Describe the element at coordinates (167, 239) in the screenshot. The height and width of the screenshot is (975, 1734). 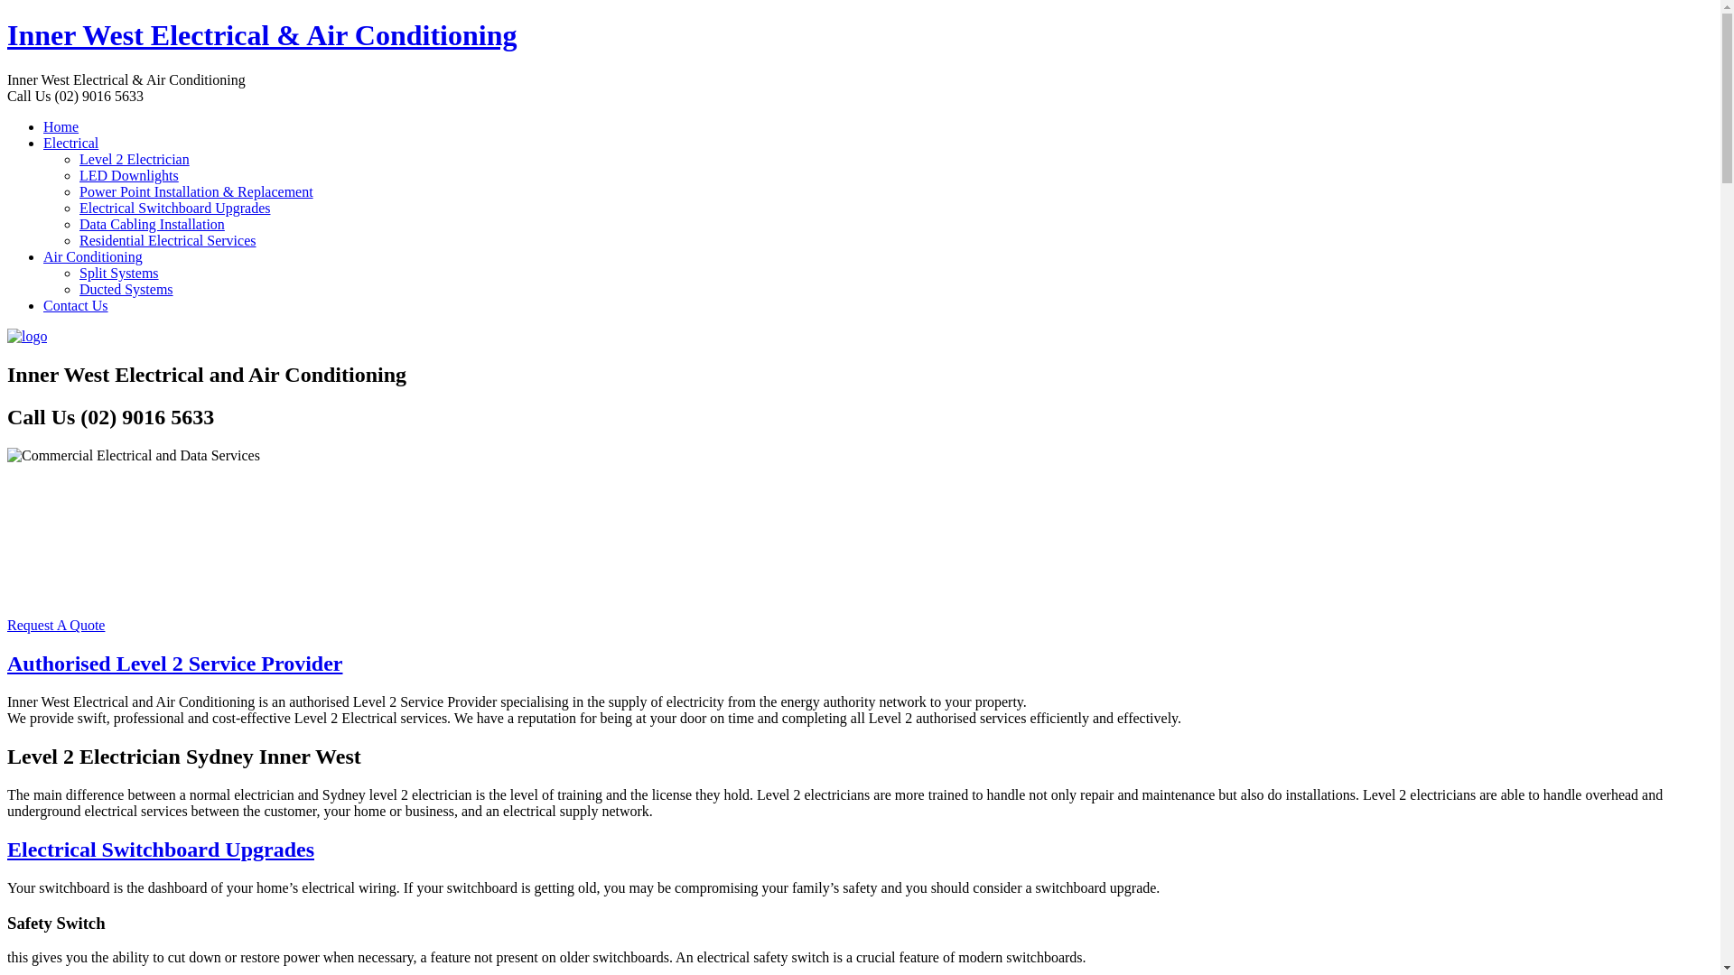
I see `'Residential Electrical Services'` at that location.